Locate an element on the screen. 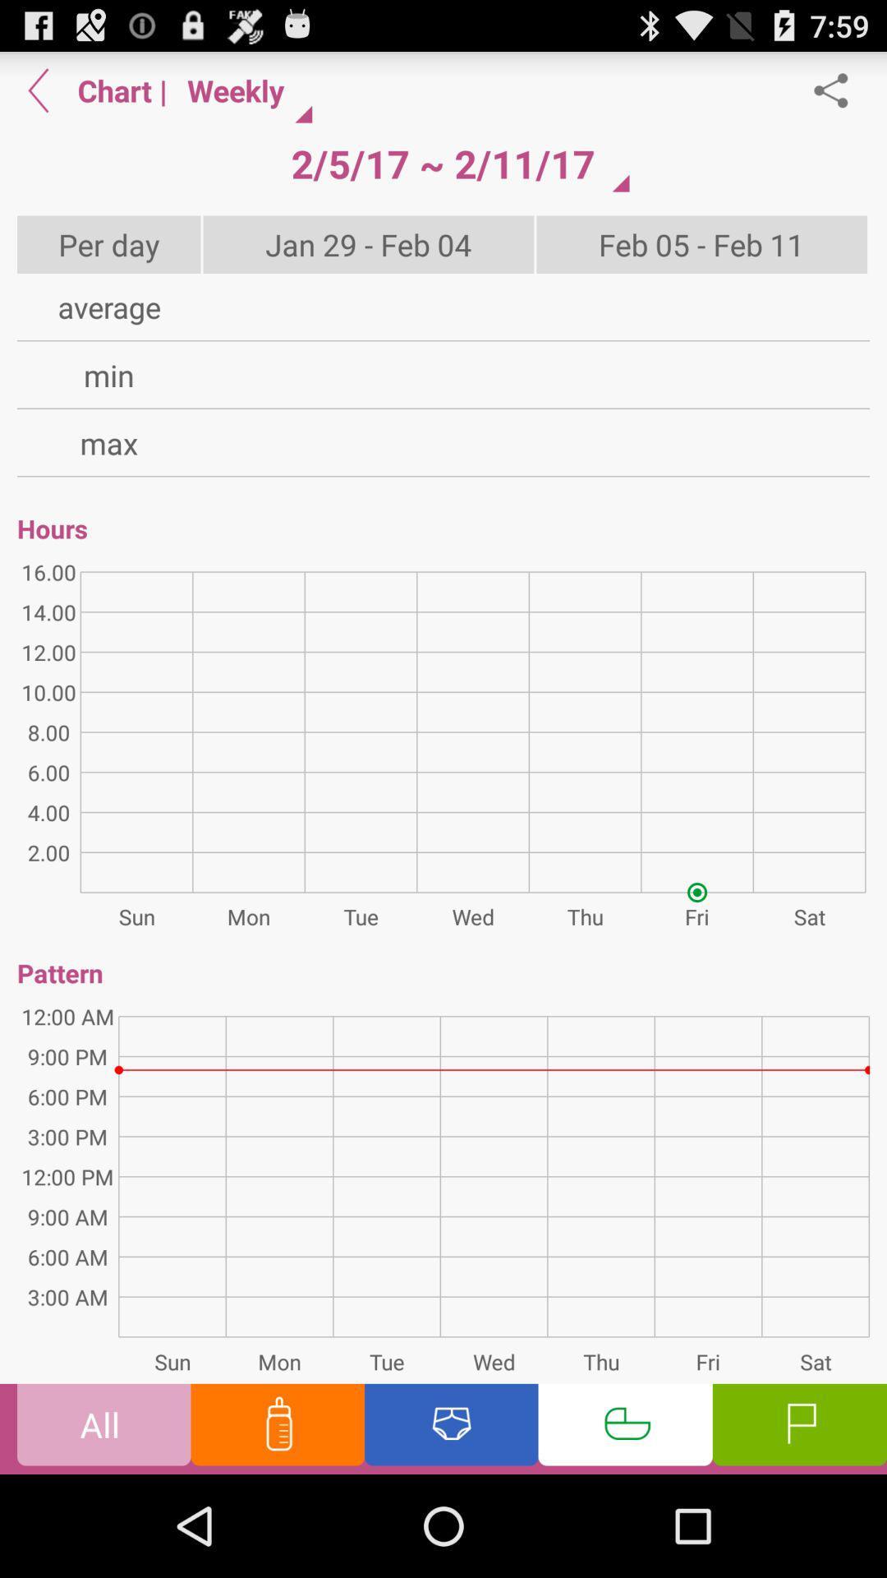  share the report is located at coordinates (839, 90).